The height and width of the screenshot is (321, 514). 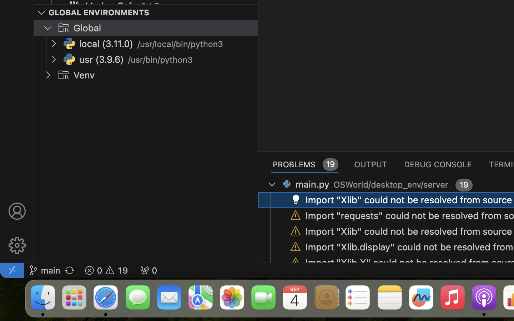 What do you see at coordinates (106, 44) in the screenshot?
I see `'local (3.11.0)'` at bounding box center [106, 44].